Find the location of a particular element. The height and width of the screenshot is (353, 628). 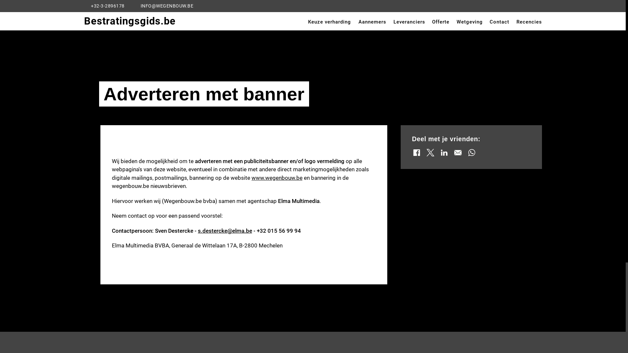

'Keuze verharding' is located at coordinates (329, 22).